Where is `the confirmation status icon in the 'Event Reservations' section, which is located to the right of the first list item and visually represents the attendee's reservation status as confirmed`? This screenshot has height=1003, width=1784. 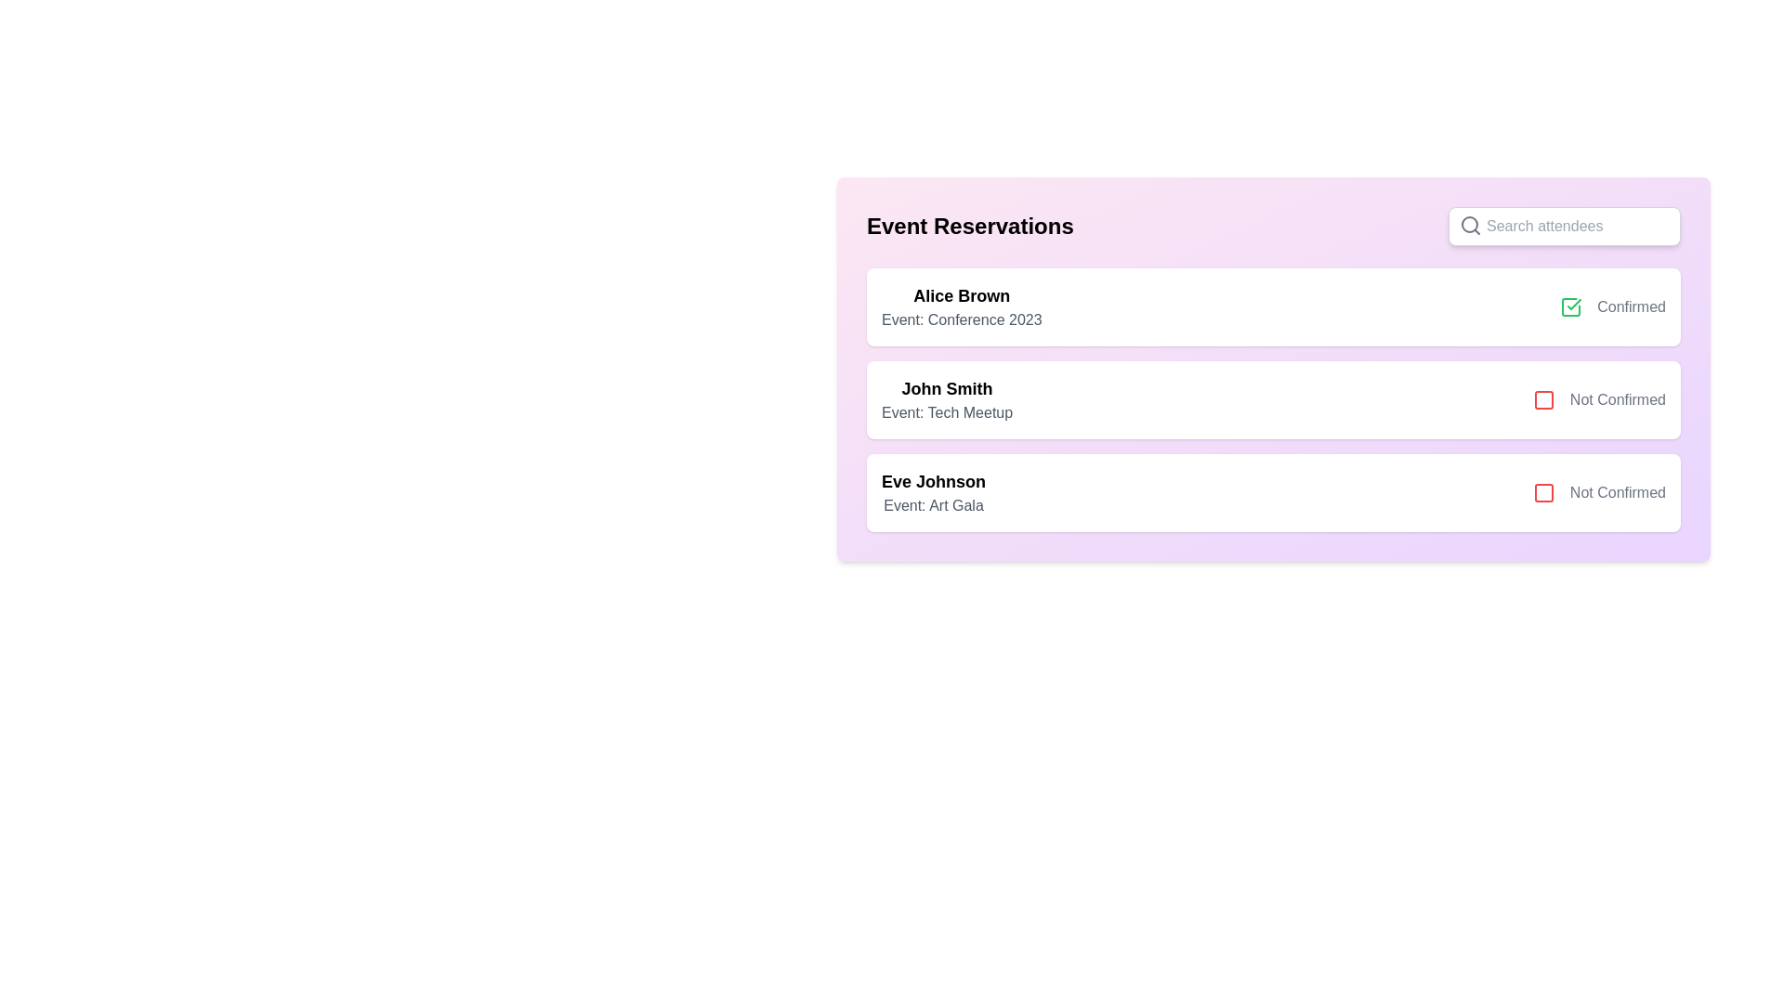
the confirmation status icon in the 'Event Reservations' section, which is located to the right of the first list item and visually represents the attendee's reservation status as confirmed is located at coordinates (1570, 306).